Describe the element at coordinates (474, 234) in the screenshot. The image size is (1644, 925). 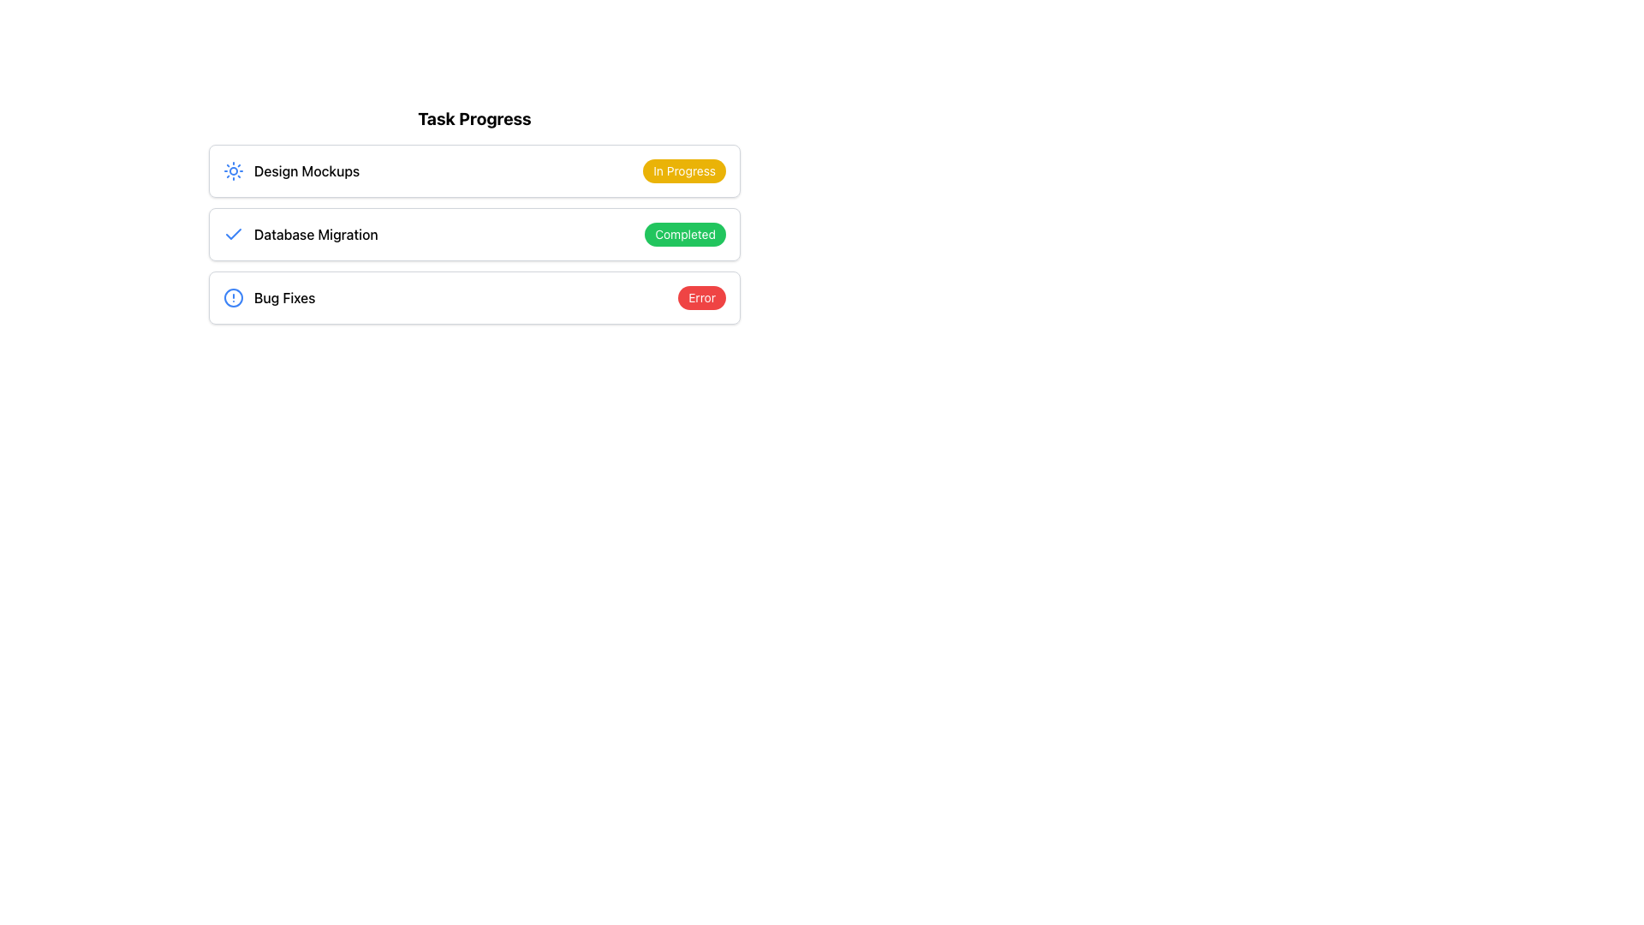
I see `the second task entry in the task progress tracker, which shows 'Database Migration' with a green 'Completed' badge` at that location.